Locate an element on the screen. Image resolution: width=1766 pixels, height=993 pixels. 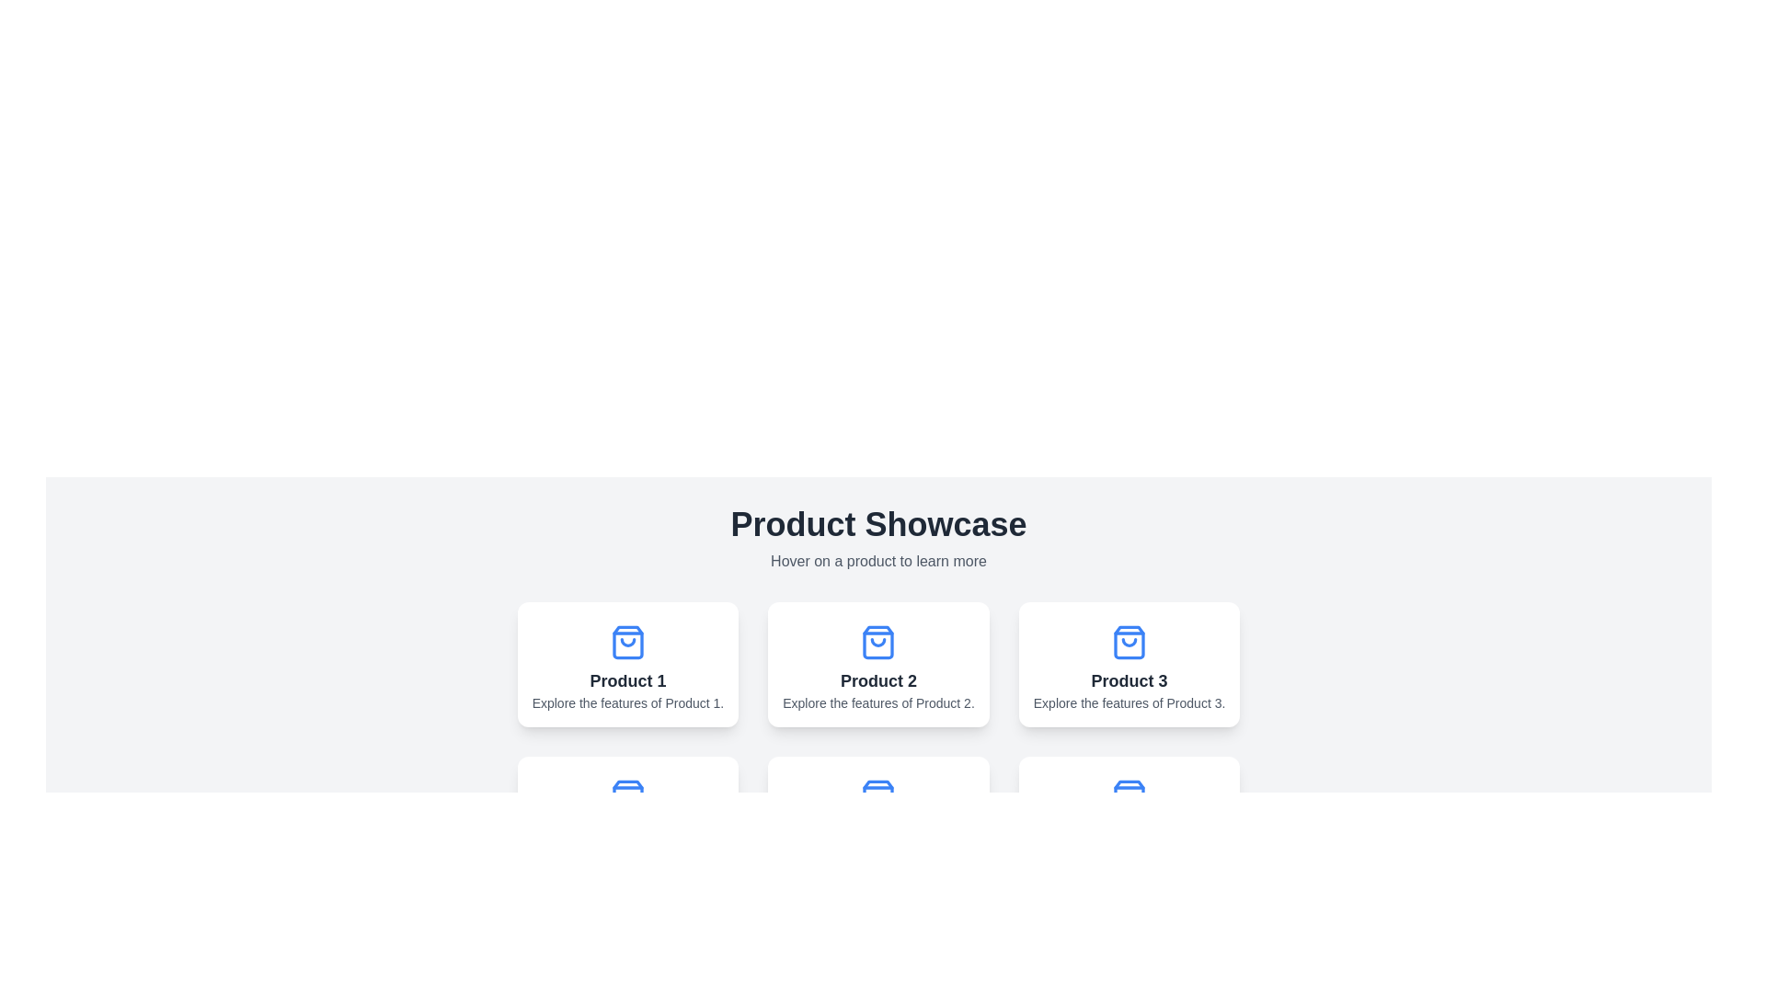
the descriptive text label located within the card layout for 'Product 1', situated beneath the heading and above the bottom boundary of the card is located at coordinates (627, 702).